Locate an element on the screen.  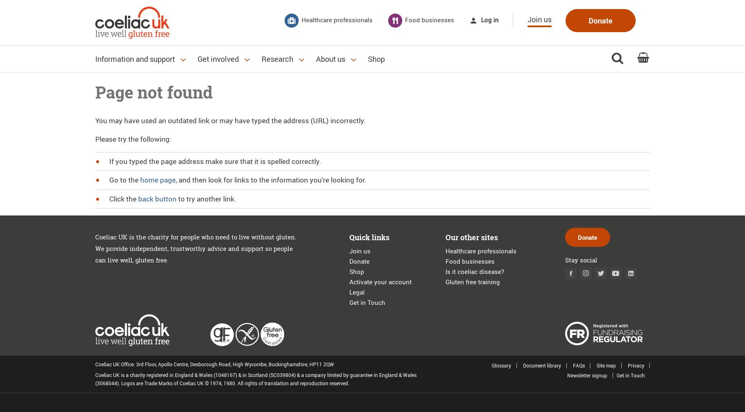
'Get in Touch' is located at coordinates (367, 302).